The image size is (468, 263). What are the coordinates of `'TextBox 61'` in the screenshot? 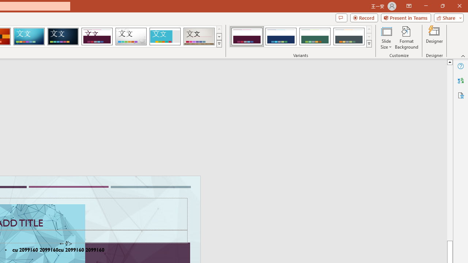 It's located at (68, 250).